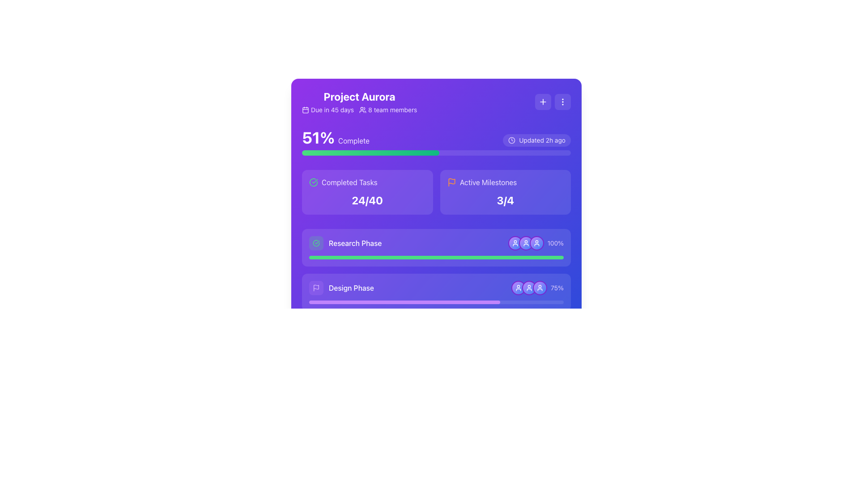 This screenshot has width=859, height=483. What do you see at coordinates (367, 182) in the screenshot?
I see `the label that describes the section for completed tasks, positioned near the top-left part of its box` at bounding box center [367, 182].